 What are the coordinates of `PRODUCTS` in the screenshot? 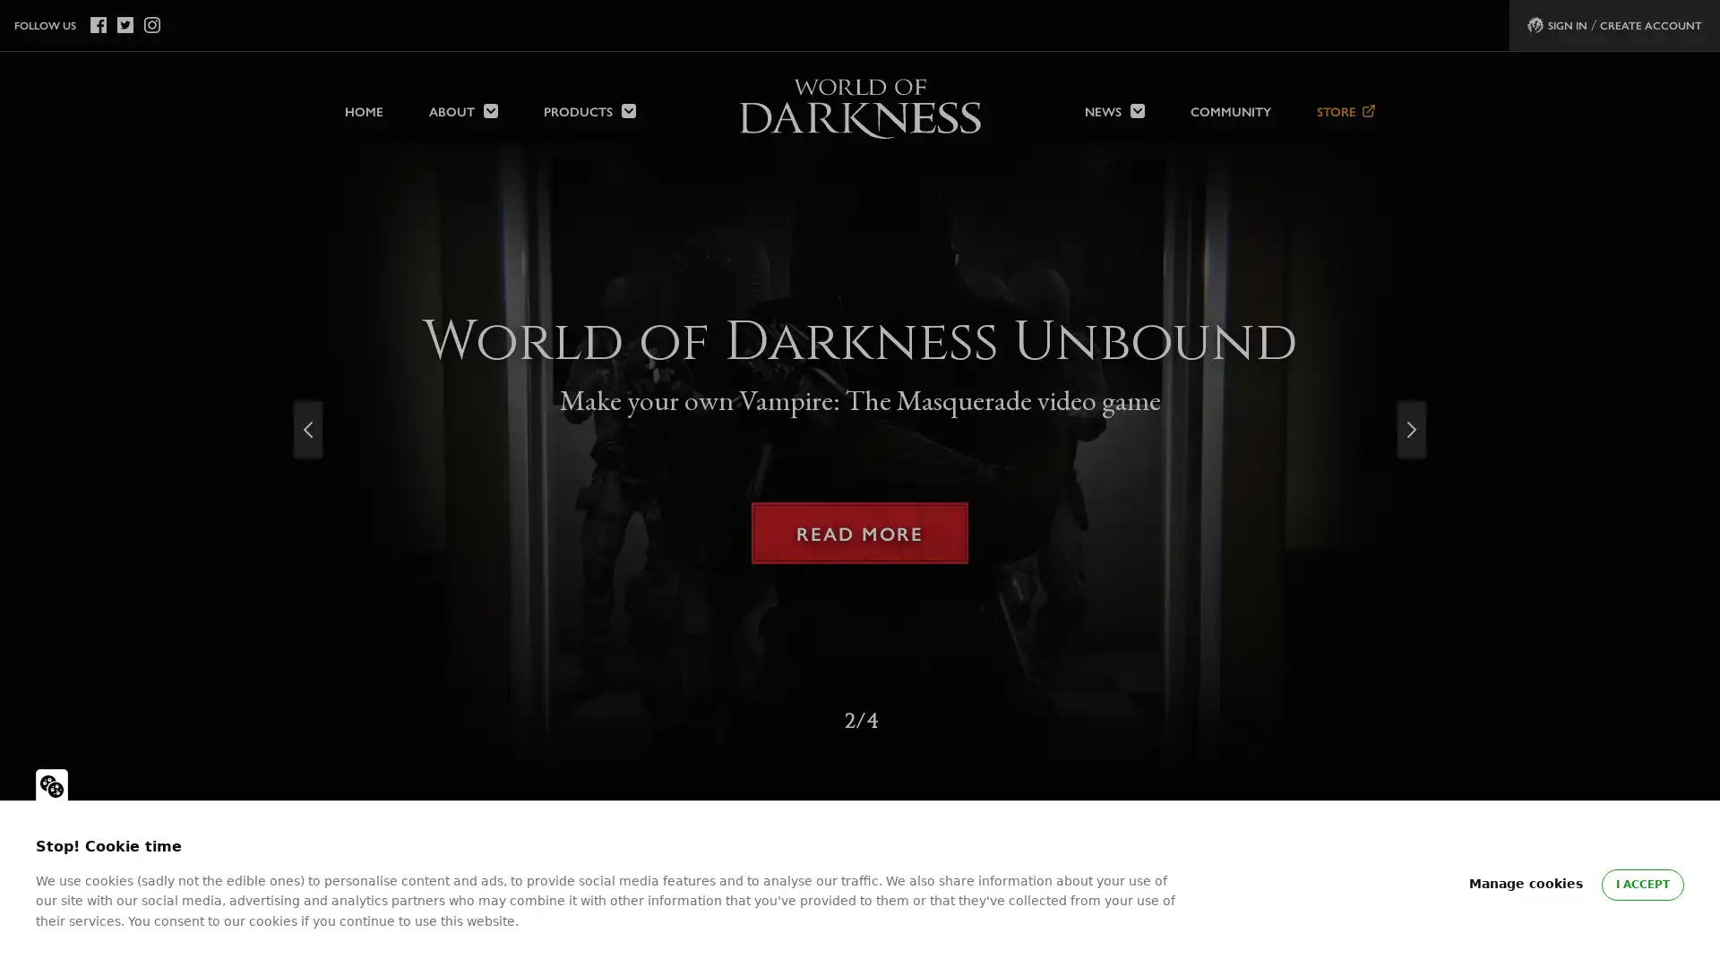 It's located at (589, 100).